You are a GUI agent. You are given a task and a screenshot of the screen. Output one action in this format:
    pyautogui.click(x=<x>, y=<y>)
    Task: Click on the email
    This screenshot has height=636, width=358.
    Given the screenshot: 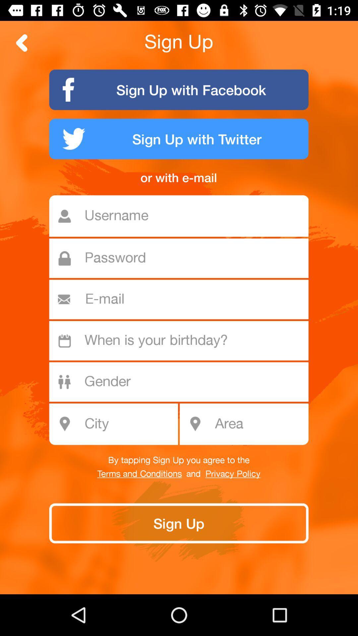 What is the action you would take?
    pyautogui.click(x=182, y=299)
    